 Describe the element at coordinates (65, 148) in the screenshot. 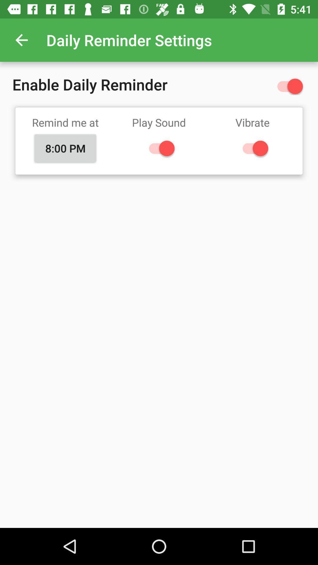

I see `icon next to play sound item` at that location.